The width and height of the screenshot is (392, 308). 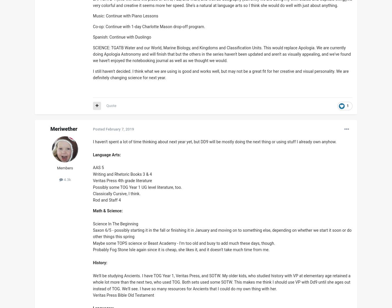 What do you see at coordinates (125, 16) in the screenshot?
I see `'Music: Continue with Piano Lessons'` at bounding box center [125, 16].